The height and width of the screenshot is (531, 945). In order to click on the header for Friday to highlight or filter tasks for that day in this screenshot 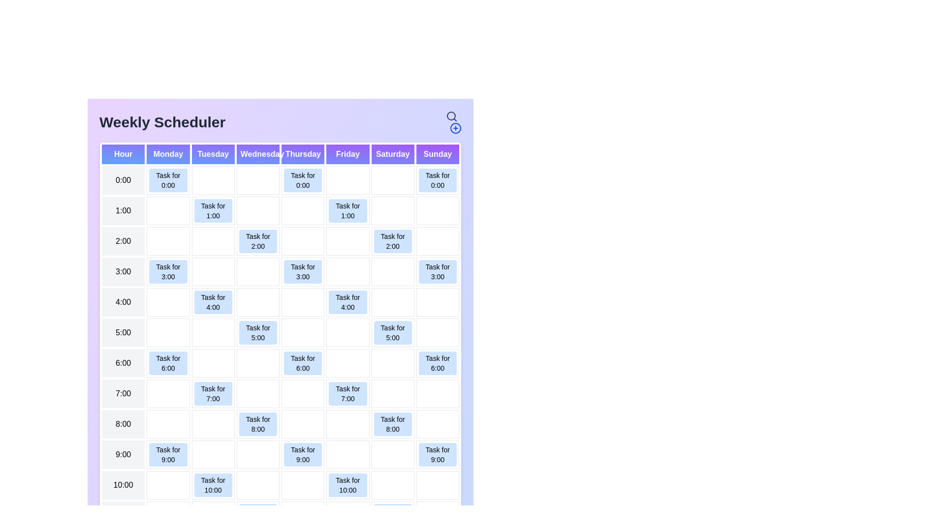, I will do `click(347, 154)`.